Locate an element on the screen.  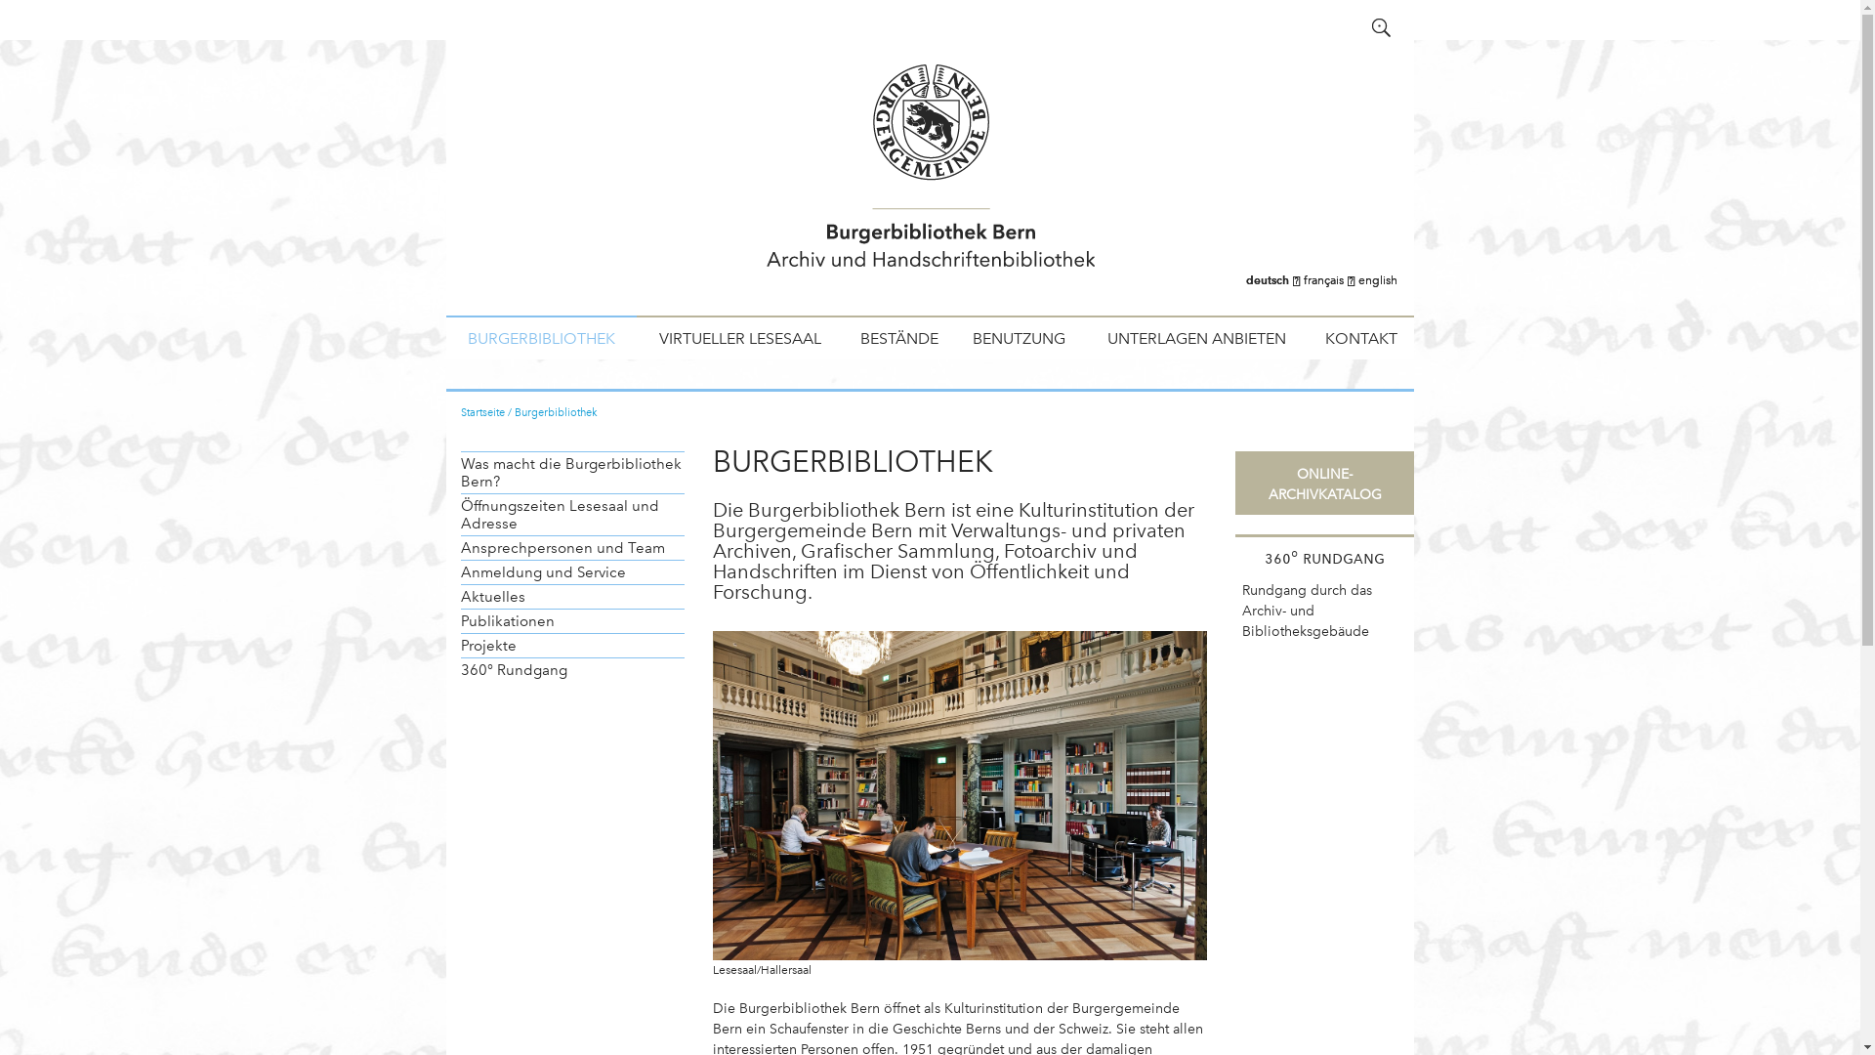
'Publikationen' is located at coordinates (571, 620).